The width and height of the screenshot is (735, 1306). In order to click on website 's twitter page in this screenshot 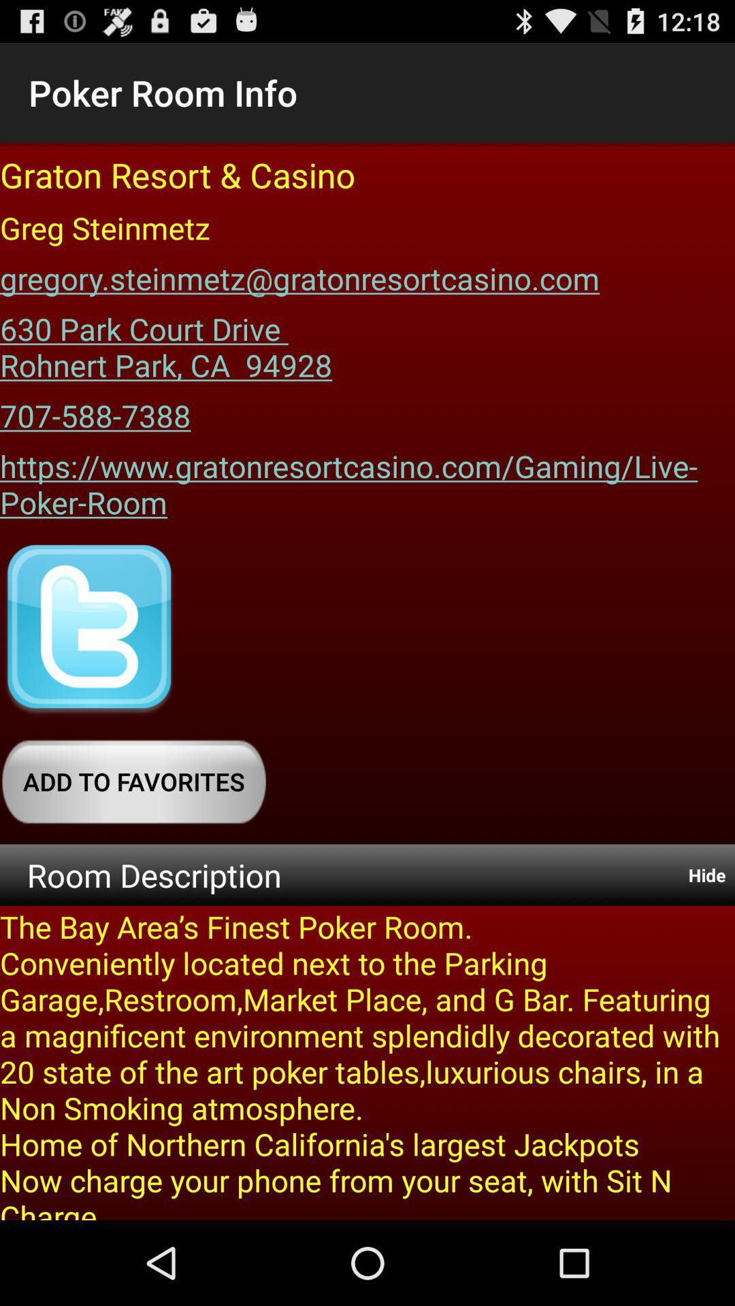, I will do `click(89, 629)`.